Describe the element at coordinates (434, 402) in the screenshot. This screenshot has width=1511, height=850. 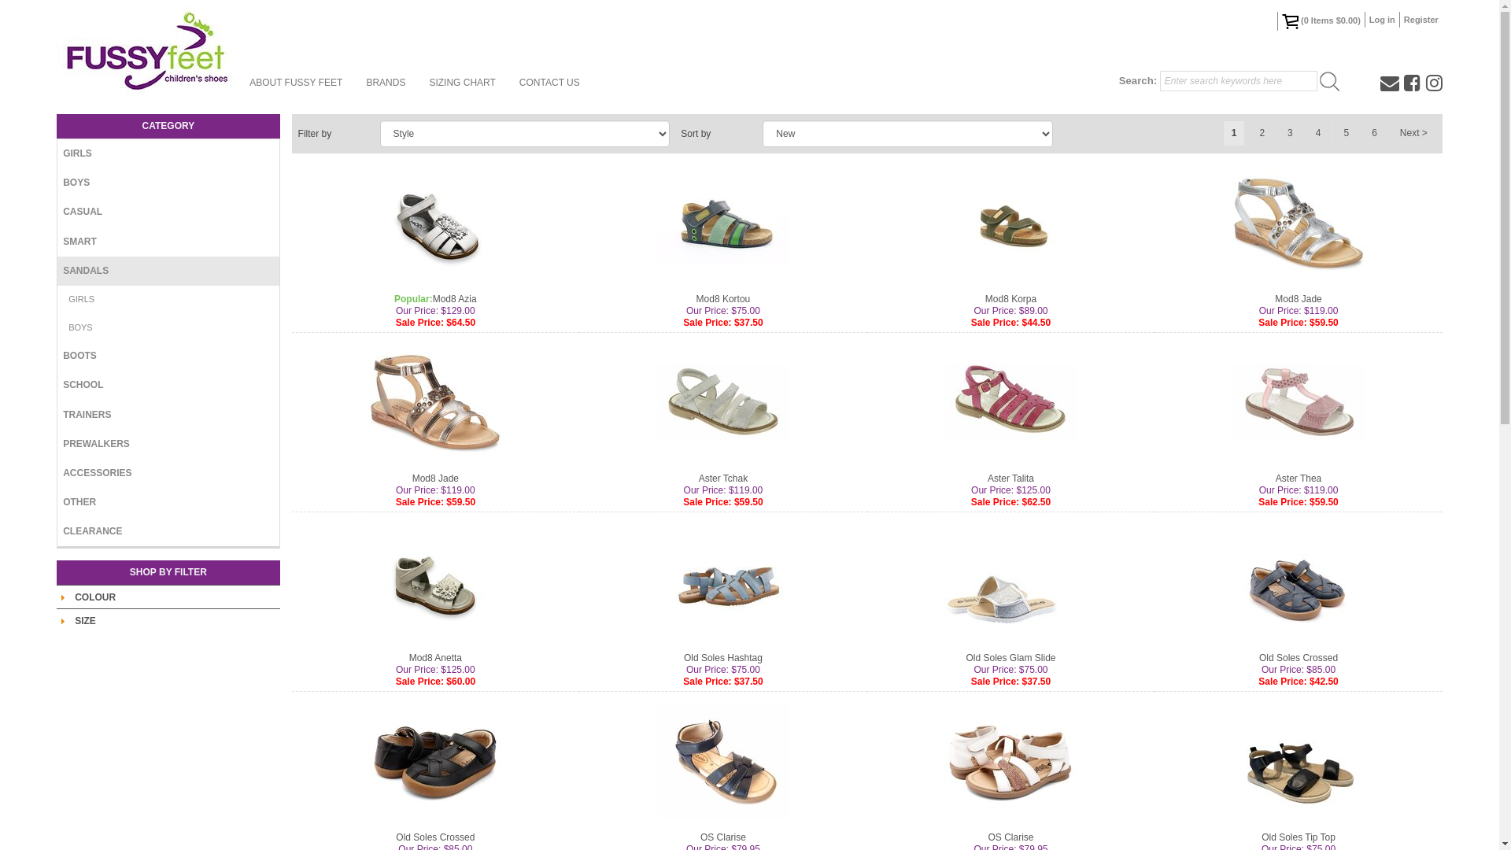
I see `'Mod8 Jade-sandals-Fussy Feet - Childrens Shoes'` at that location.